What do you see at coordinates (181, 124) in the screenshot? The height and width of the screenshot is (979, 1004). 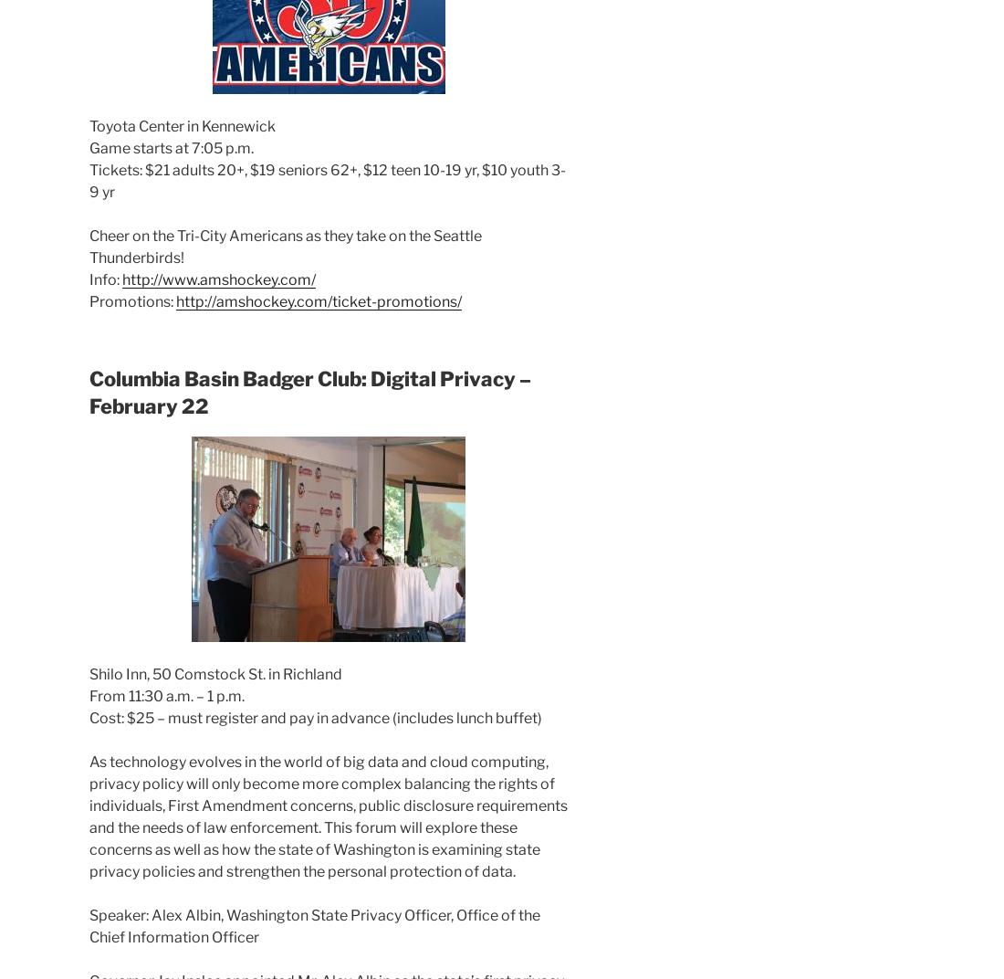 I see `'Toyota Center in Kennewick'` at bounding box center [181, 124].